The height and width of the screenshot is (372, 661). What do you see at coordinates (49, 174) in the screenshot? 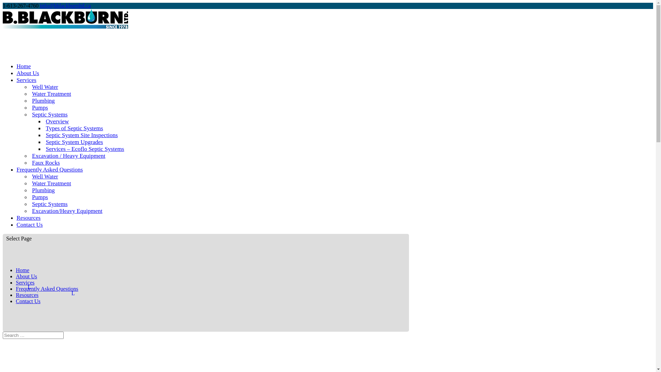
I see `'Frequently Asked Questions'` at bounding box center [49, 174].